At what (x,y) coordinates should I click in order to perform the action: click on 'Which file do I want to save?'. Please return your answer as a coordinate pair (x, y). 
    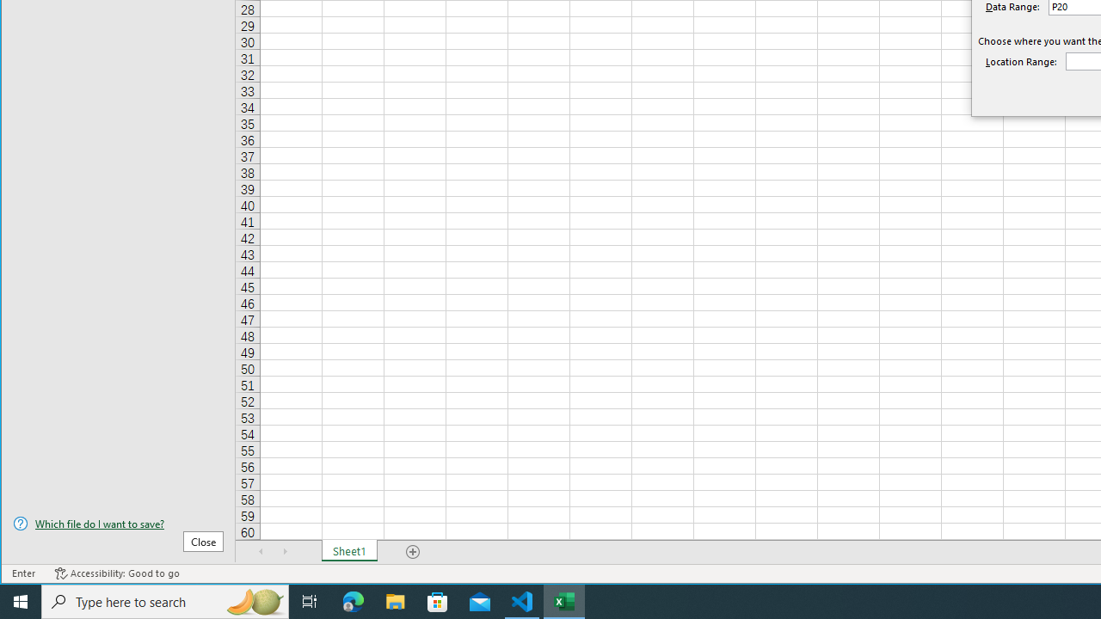
    Looking at the image, I should click on (117, 523).